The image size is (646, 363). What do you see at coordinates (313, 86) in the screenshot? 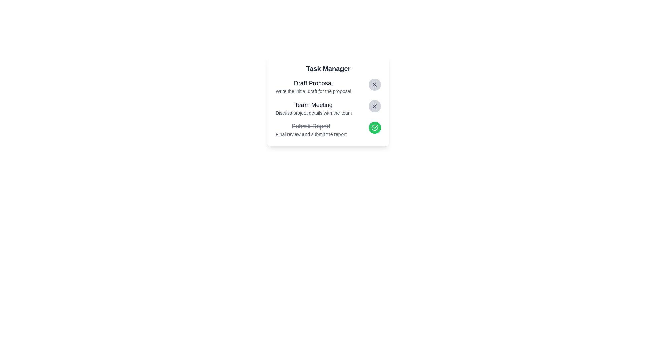
I see `the text display element titled 'Draft Proposal' which contains the description 'Write the initial draft for the proposal.'` at bounding box center [313, 86].